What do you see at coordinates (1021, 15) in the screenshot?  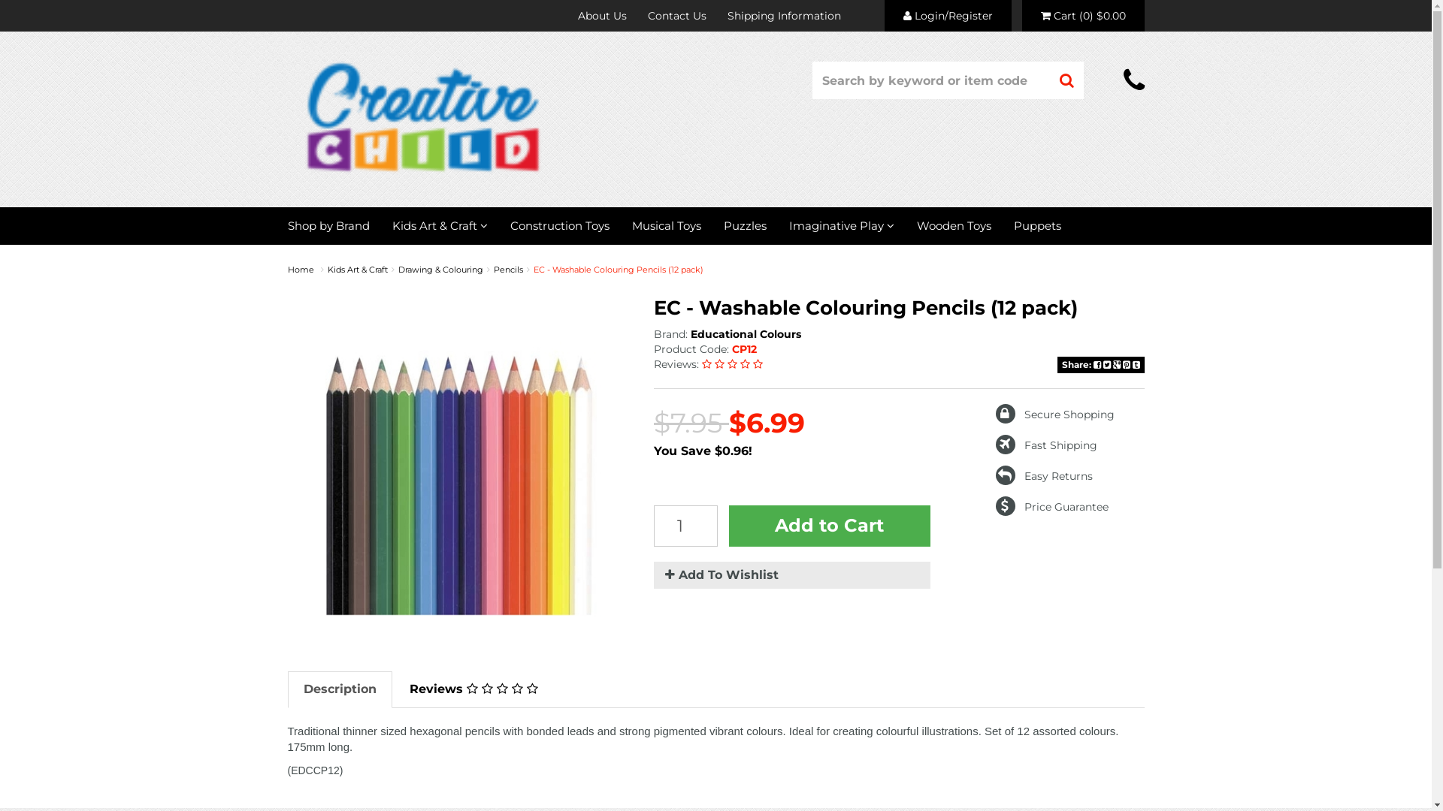 I see `'Cart (0) $0.00'` at bounding box center [1021, 15].